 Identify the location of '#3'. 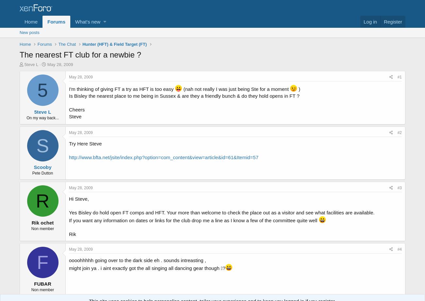
(397, 187).